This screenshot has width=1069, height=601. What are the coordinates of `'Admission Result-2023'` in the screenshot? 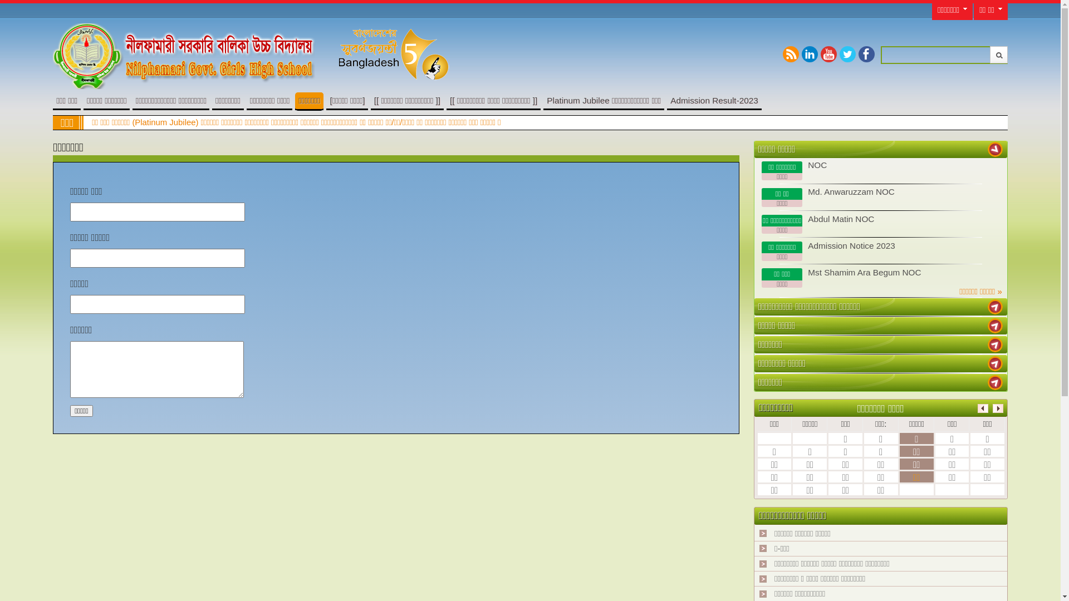 It's located at (714, 100).